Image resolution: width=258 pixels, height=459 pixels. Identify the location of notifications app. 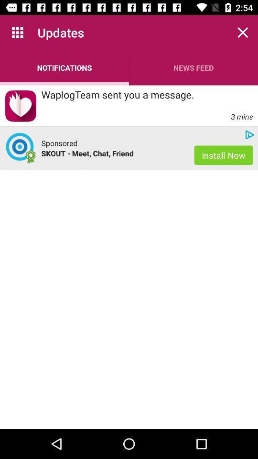
(64, 67).